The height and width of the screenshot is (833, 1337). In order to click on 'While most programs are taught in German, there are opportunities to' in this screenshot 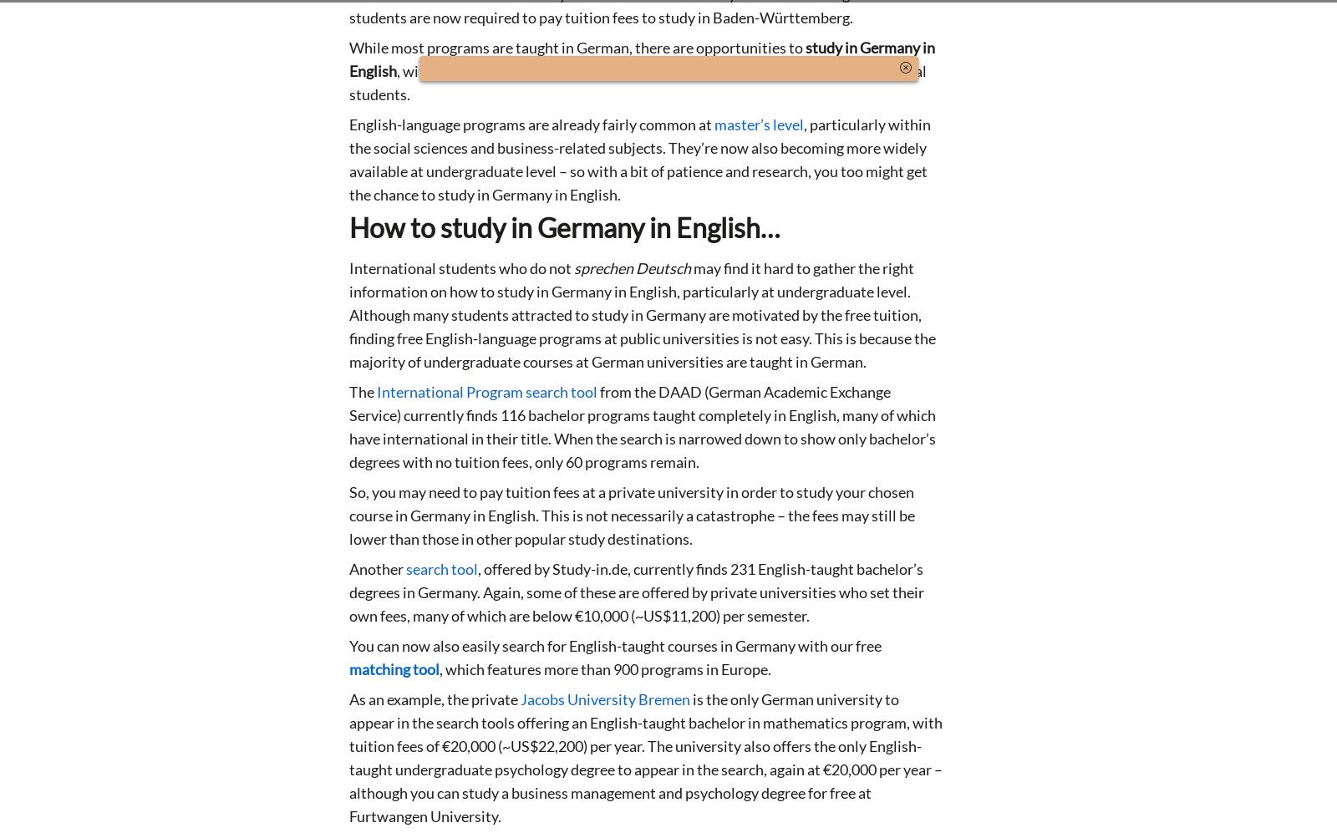, I will do `click(577, 47)`.